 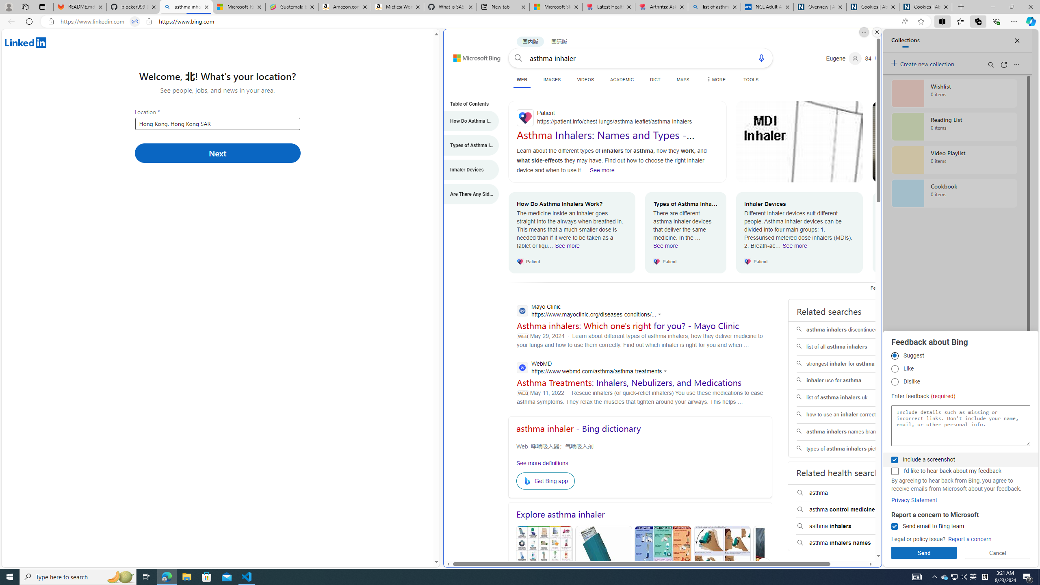 I want to click on 'Send email to Bing team', so click(x=894, y=526).